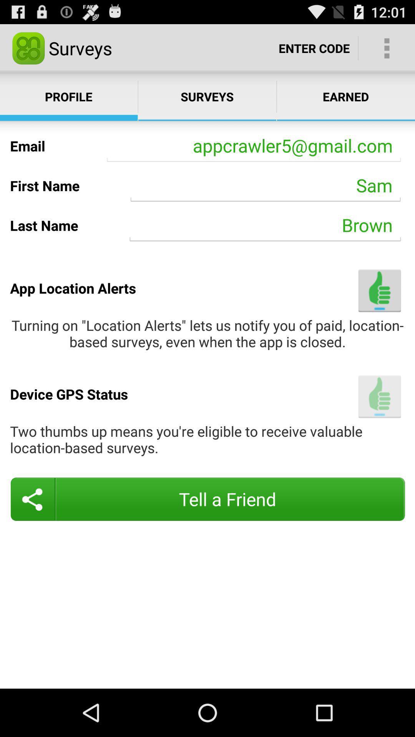 The image size is (415, 737). I want to click on enter code, so click(314, 48).